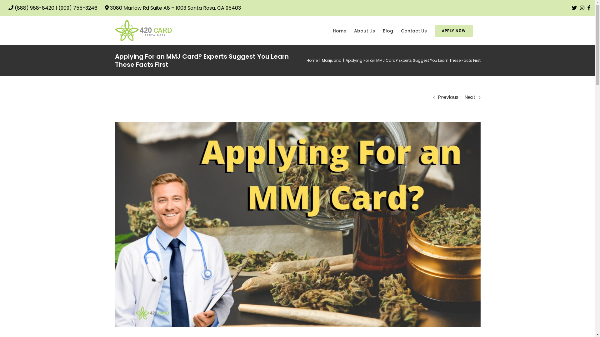 This screenshot has width=600, height=337. Describe the element at coordinates (331, 60) in the screenshot. I see `'Marijuana'` at that location.